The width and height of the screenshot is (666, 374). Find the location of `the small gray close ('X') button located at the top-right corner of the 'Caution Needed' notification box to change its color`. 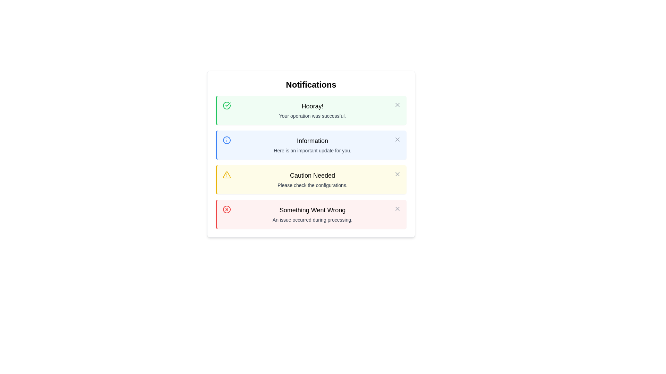

the small gray close ('X') button located at the top-right corner of the 'Caution Needed' notification box to change its color is located at coordinates (398, 173).